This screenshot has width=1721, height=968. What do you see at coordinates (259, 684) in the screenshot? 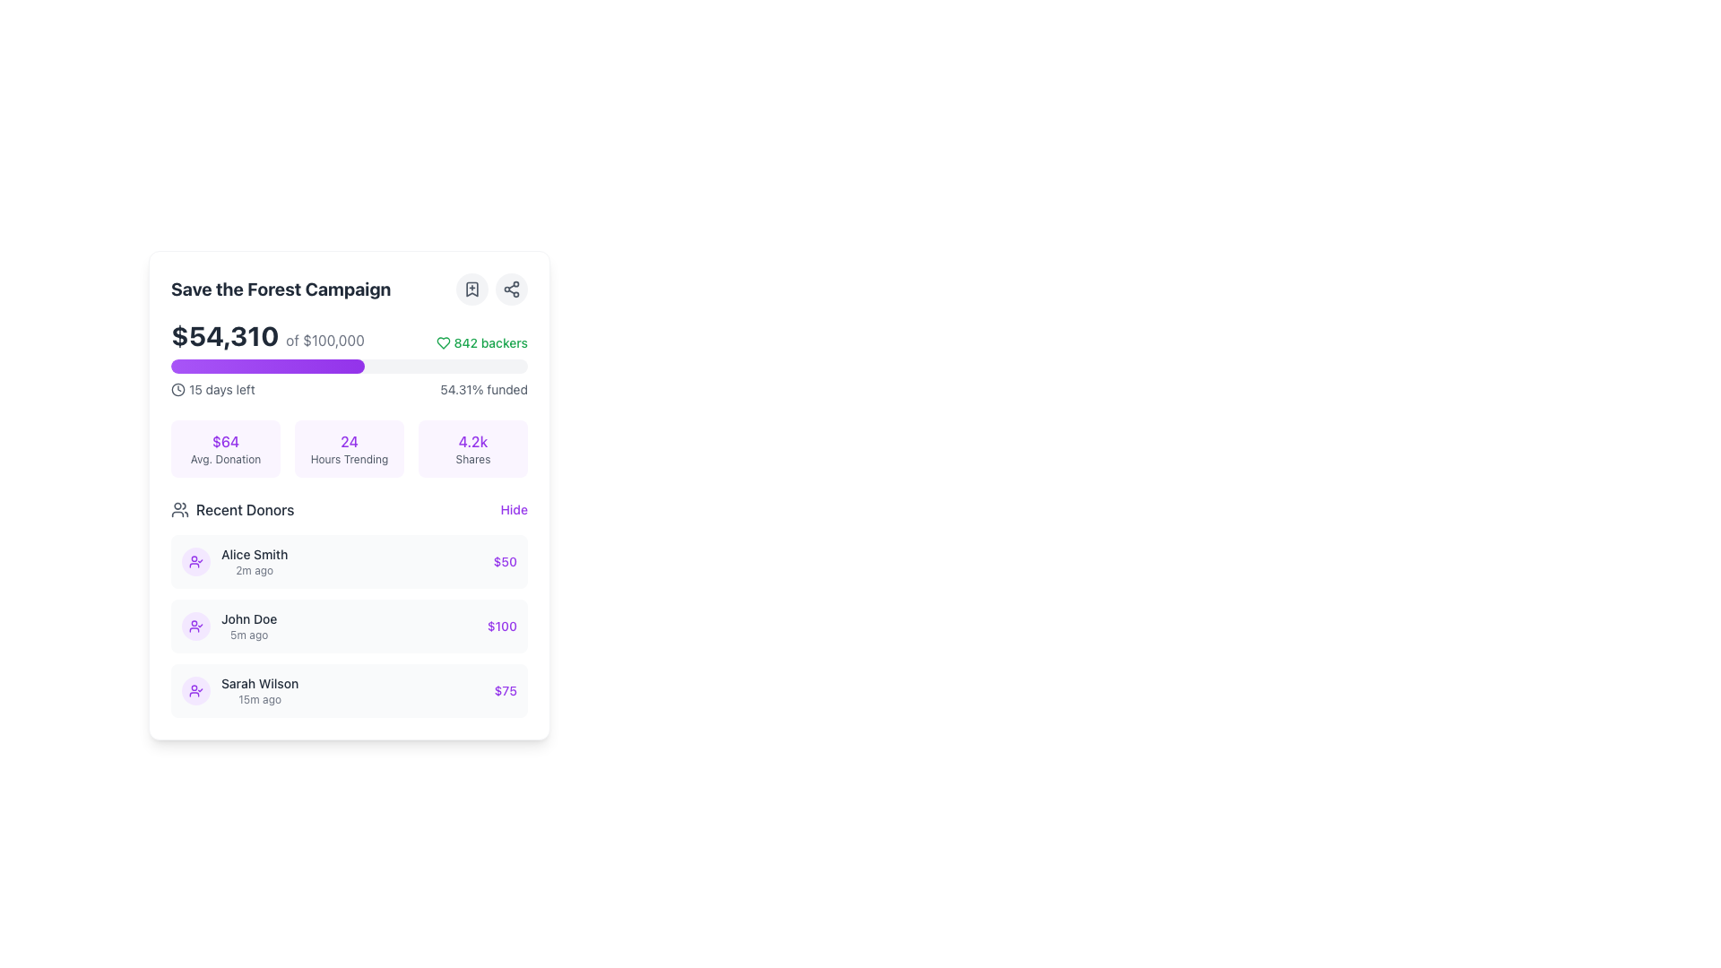
I see `the surrounding elements near the static text displaying 'Sarah Wilson' in the 'Recent Donors' section to perform contextual actions` at bounding box center [259, 684].